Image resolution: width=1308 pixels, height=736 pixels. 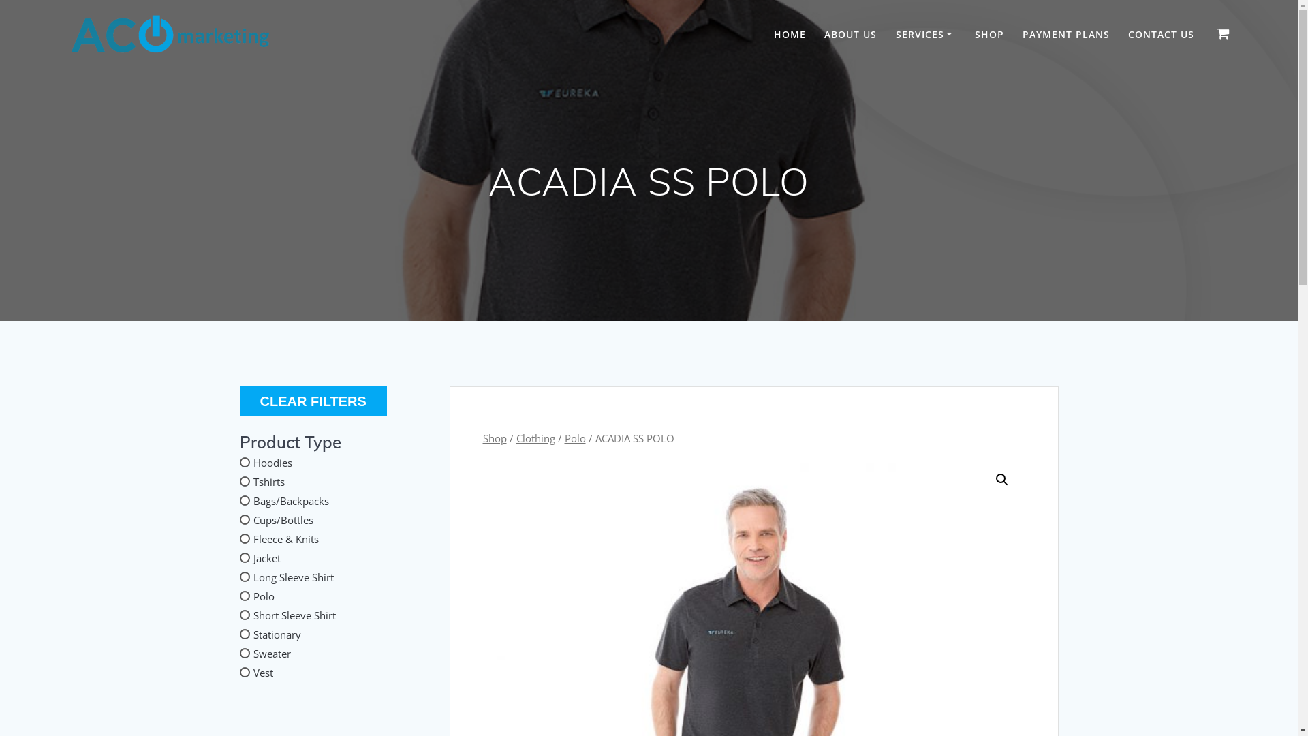 What do you see at coordinates (774, 33) in the screenshot?
I see `'HOME'` at bounding box center [774, 33].